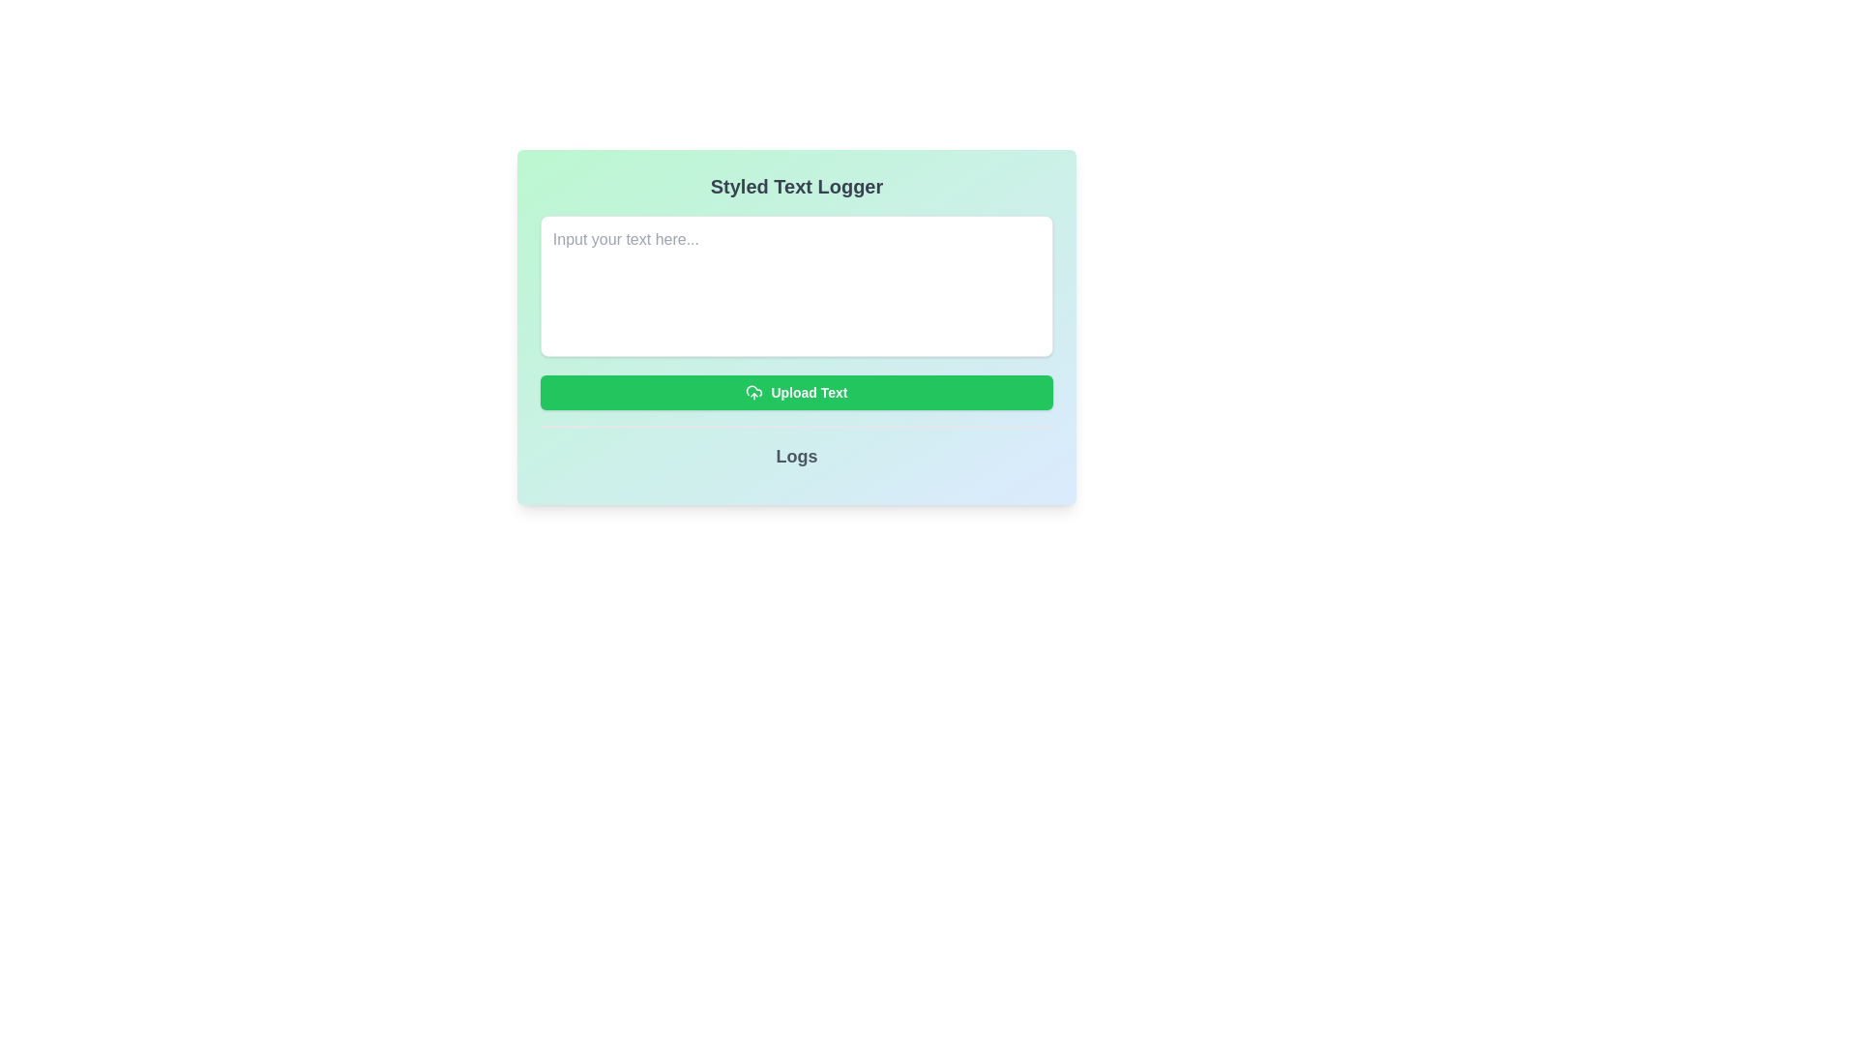  I want to click on the text label located beneath the 'Upload Text' button, so click(797, 447).